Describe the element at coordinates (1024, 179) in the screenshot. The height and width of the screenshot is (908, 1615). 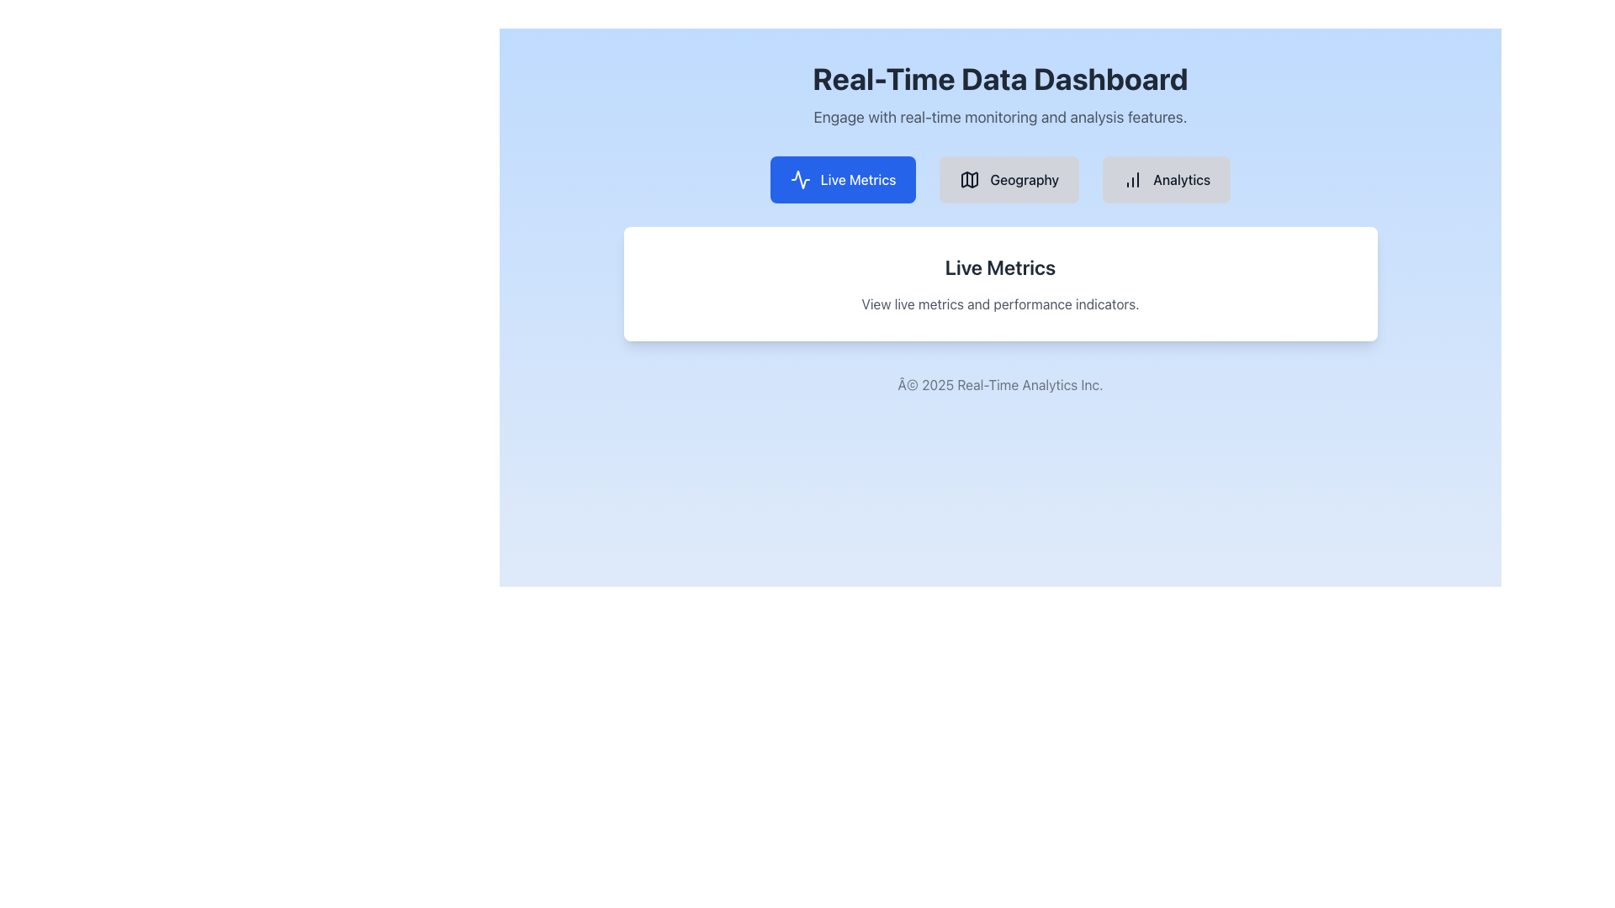
I see `text label for the Geography section, which is the second button in the row of three buttons below the 'Real-Time Data Dashboard' heading` at that location.